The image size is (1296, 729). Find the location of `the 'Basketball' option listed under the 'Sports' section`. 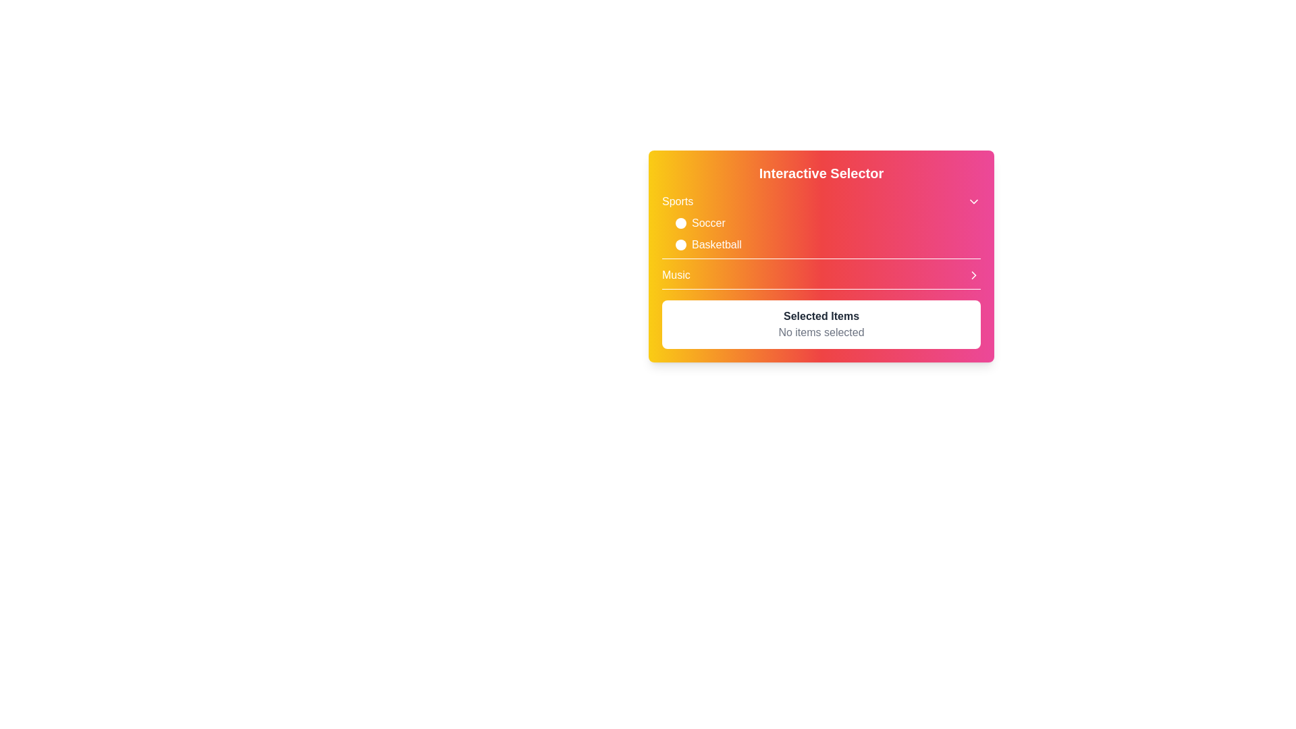

the 'Basketball' option listed under the 'Sports' section is located at coordinates (828, 244).